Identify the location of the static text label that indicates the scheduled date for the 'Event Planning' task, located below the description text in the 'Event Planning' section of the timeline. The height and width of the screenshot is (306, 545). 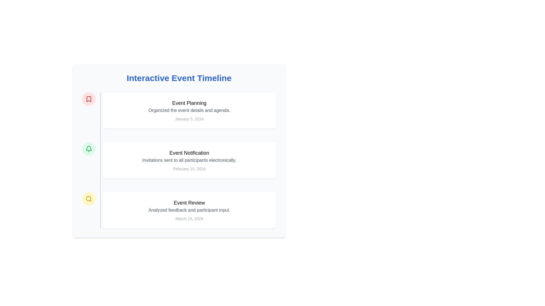
(189, 119).